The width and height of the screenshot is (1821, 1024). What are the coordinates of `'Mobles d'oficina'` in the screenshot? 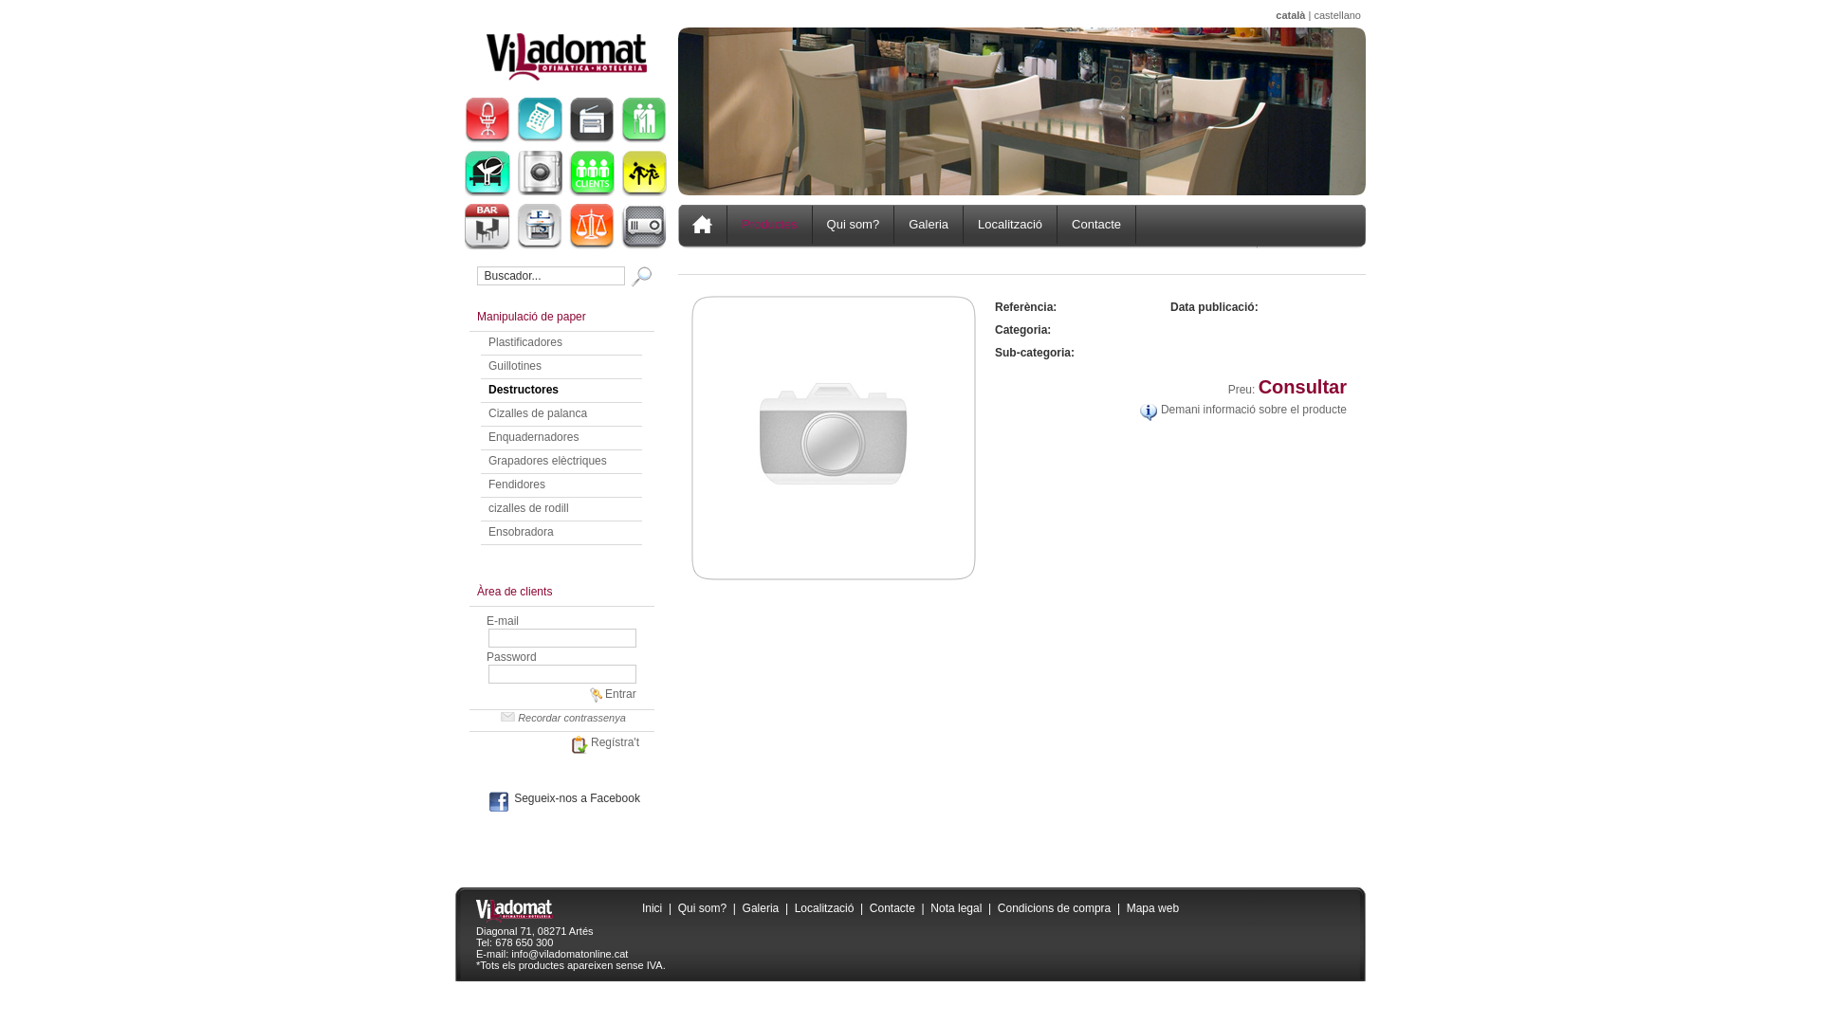 It's located at (487, 120).